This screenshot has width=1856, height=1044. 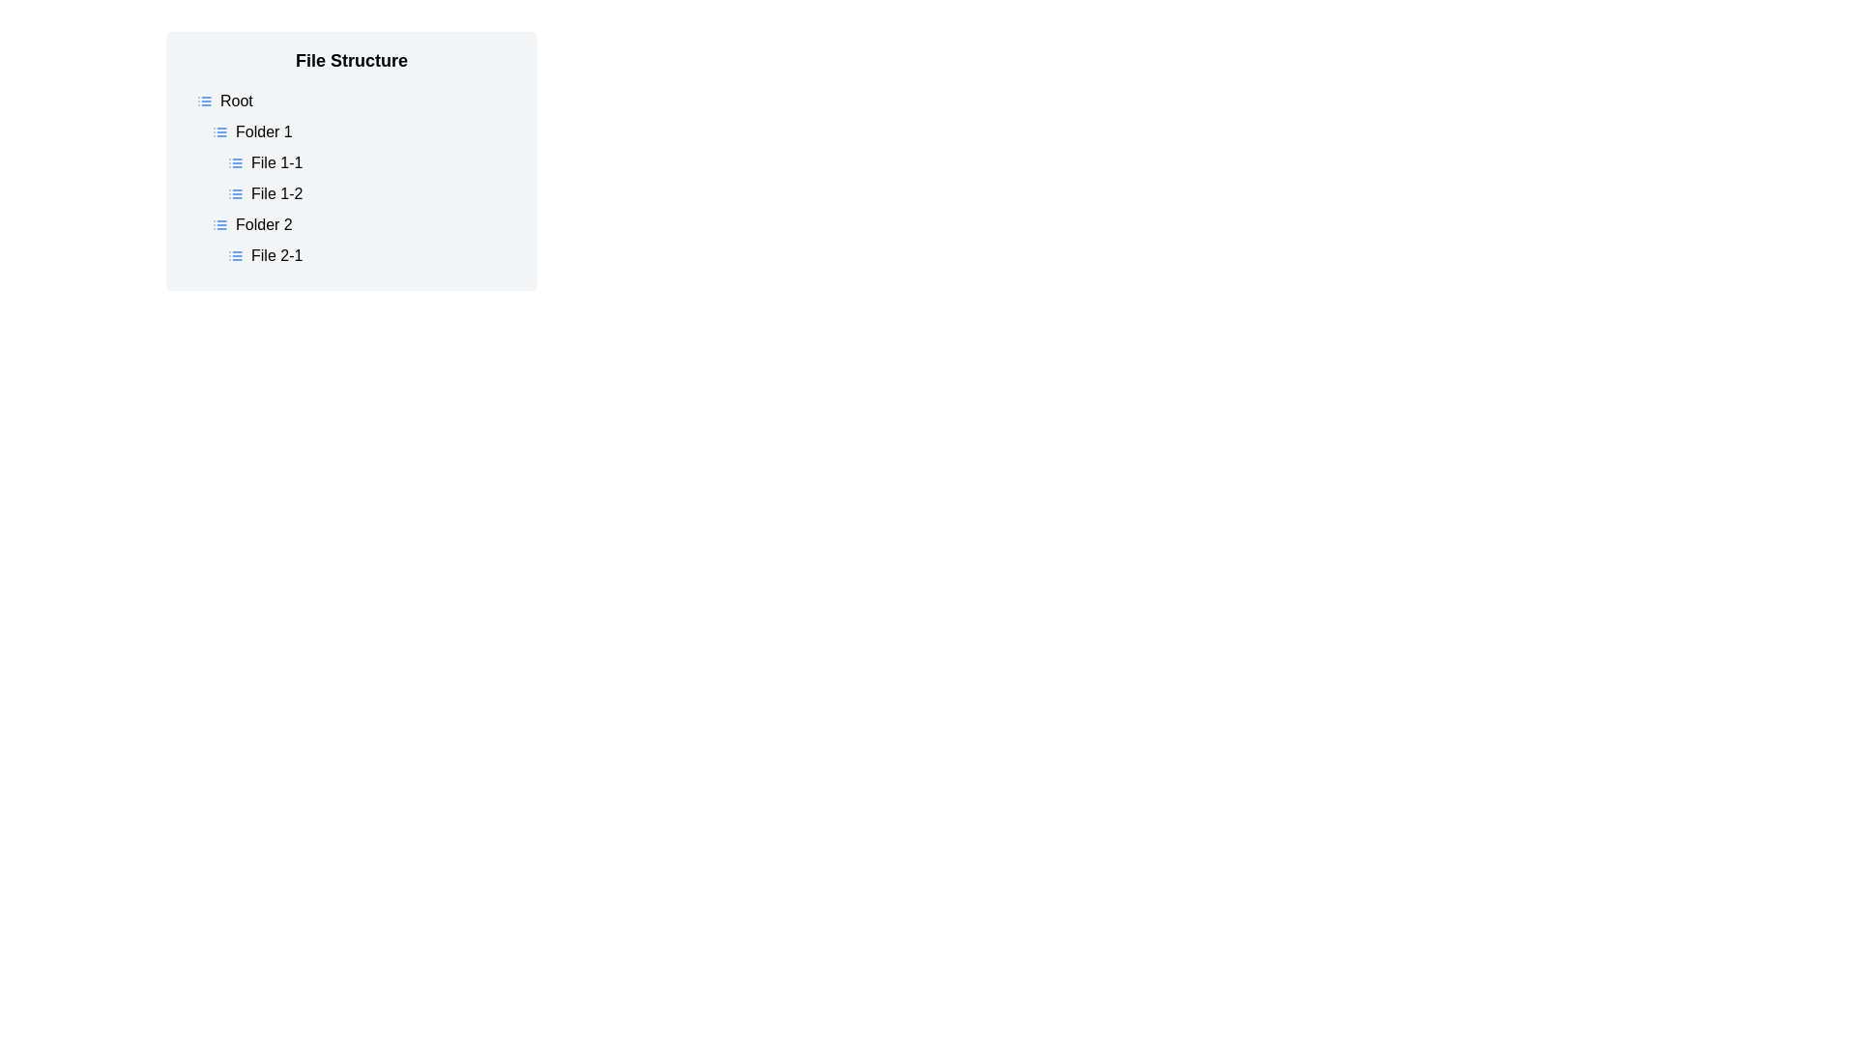 What do you see at coordinates (275, 255) in the screenshot?
I see `the text label that reads 'File 2-1'` at bounding box center [275, 255].